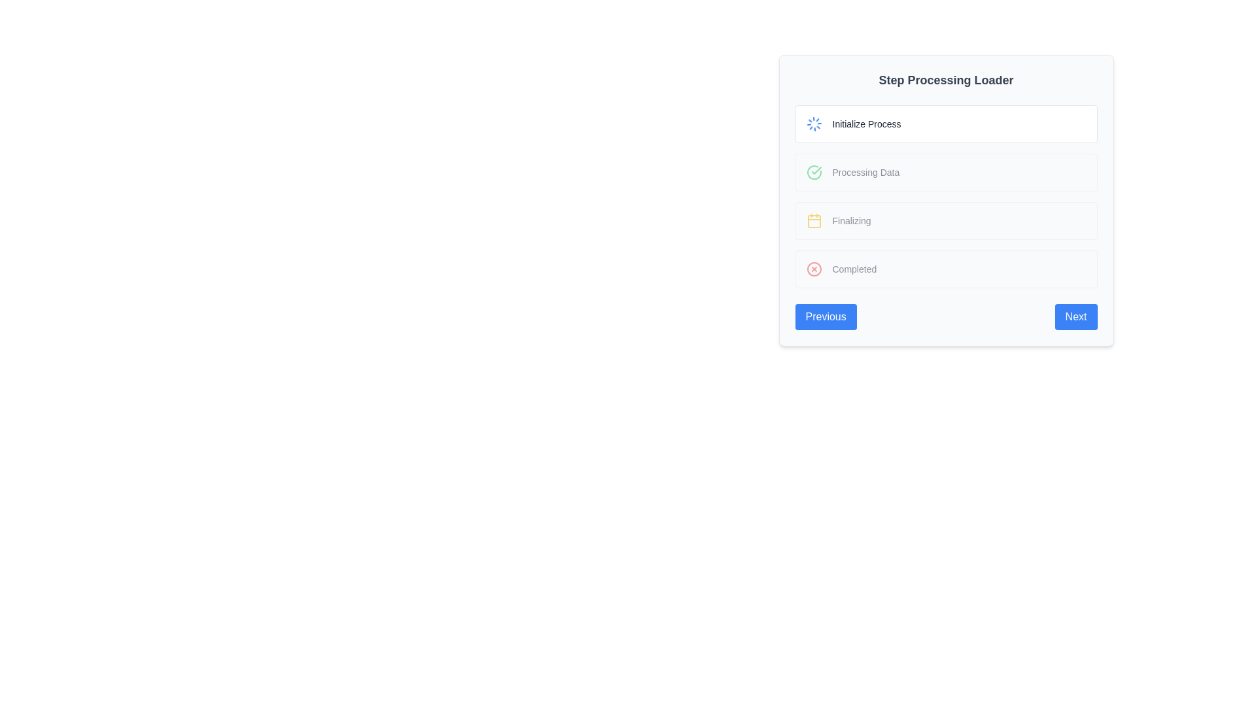  I want to click on the content of the vertically stacked section containing the stages 'Initialize Process', 'Processing Data', 'Finalizing', and 'Completed' located beneath the title 'Step Processing Loader', so click(946, 196).